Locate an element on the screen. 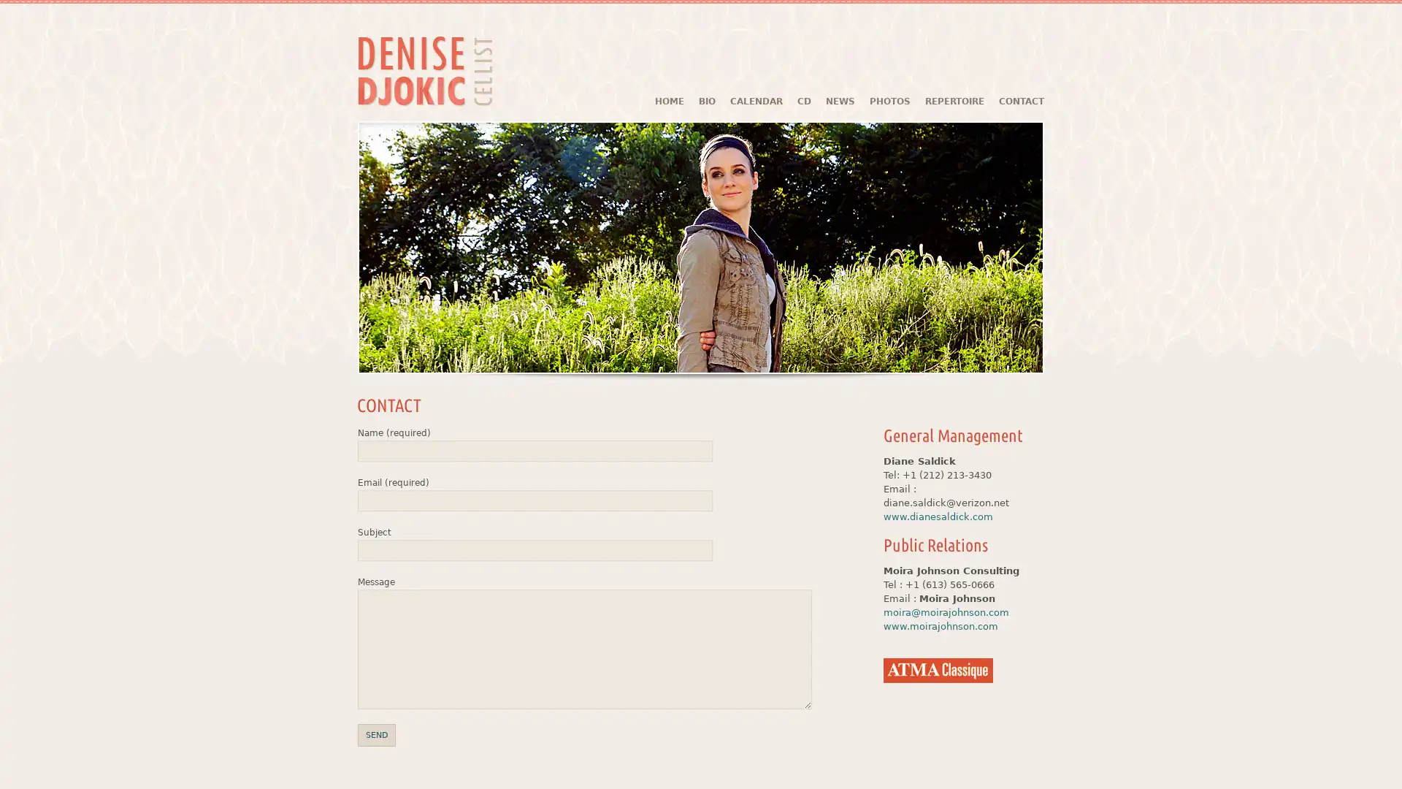 Image resolution: width=1402 pixels, height=789 pixels. Send is located at coordinates (376, 735).